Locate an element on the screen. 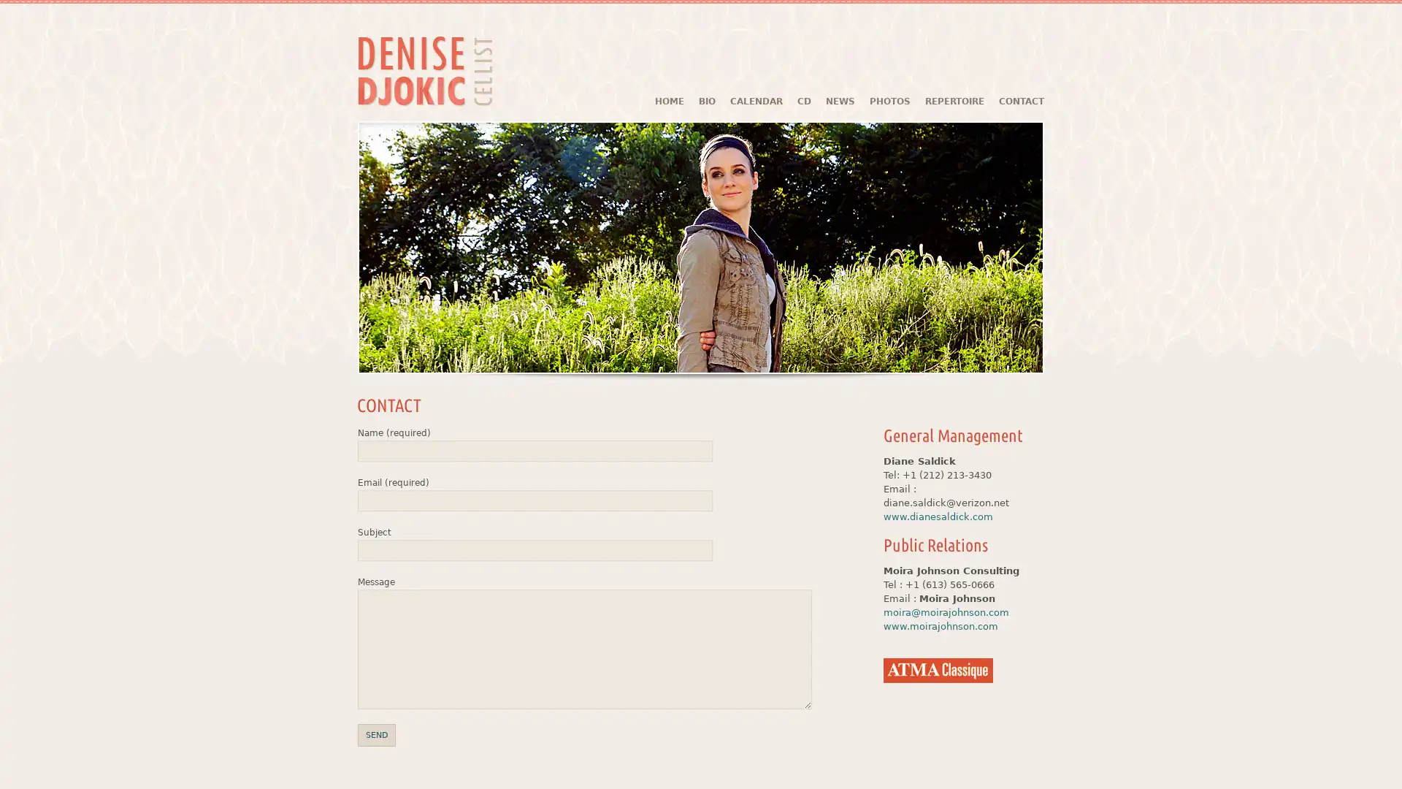 Image resolution: width=1402 pixels, height=789 pixels. Send is located at coordinates (376, 735).